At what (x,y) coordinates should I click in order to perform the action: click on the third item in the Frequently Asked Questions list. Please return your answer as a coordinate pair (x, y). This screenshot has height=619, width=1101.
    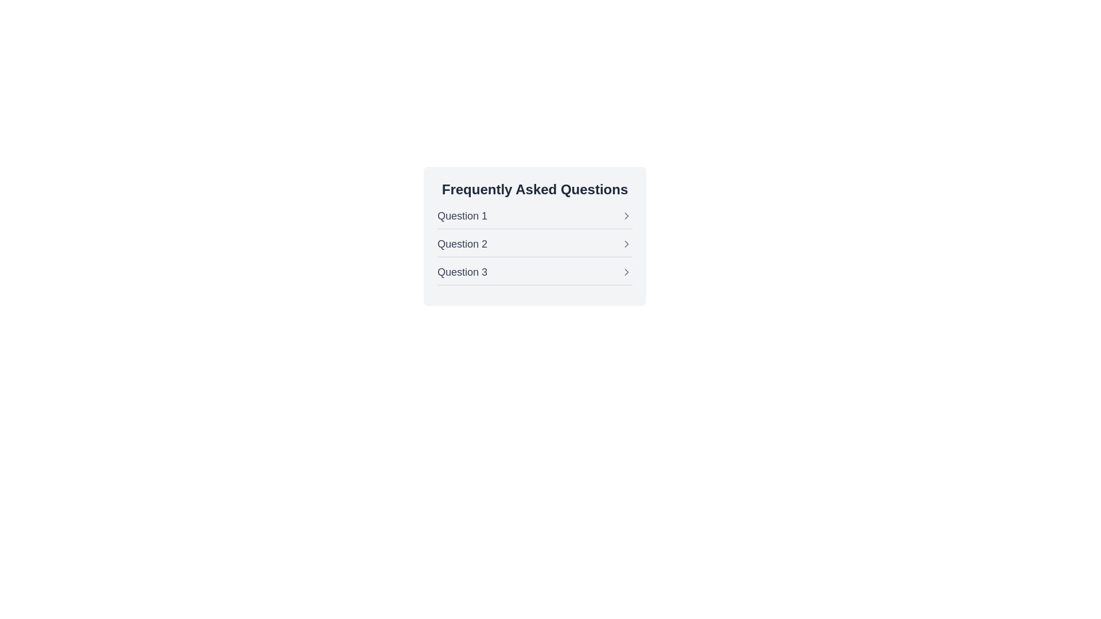
    Looking at the image, I should click on (534, 272).